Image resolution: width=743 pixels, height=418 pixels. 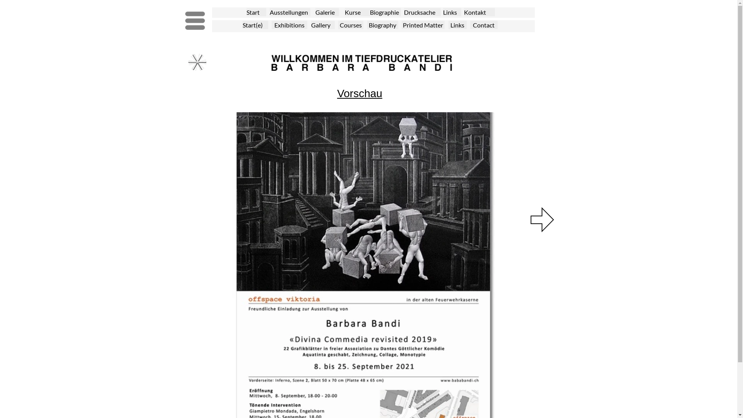 What do you see at coordinates (423, 25) in the screenshot?
I see `'Printed Matter'` at bounding box center [423, 25].